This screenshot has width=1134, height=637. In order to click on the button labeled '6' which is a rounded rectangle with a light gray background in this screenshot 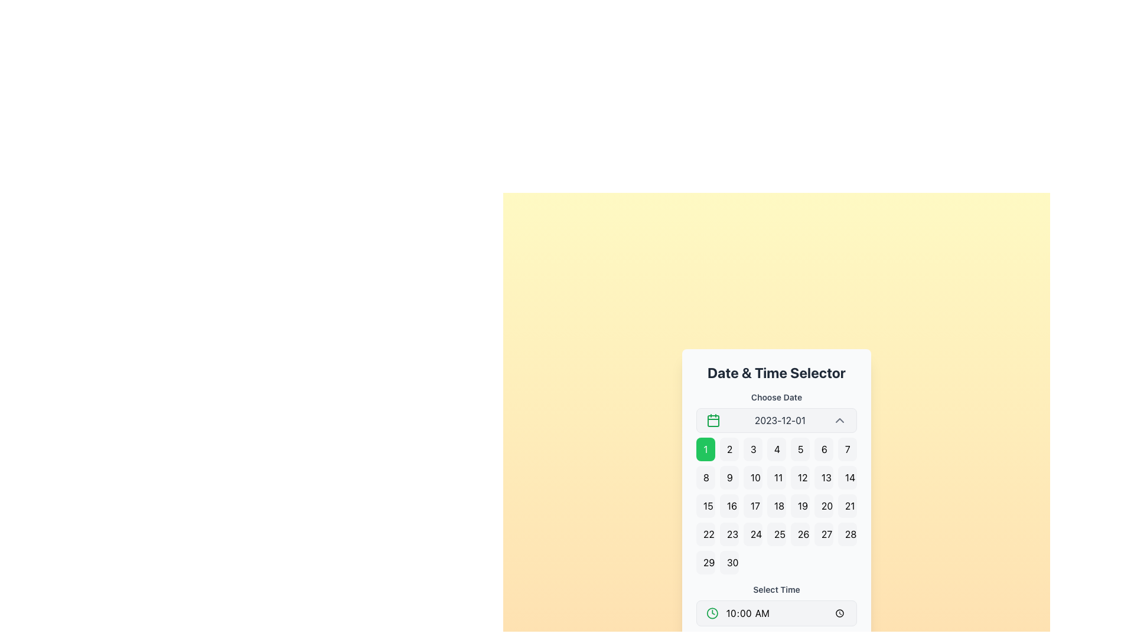, I will do `click(823, 449)`.